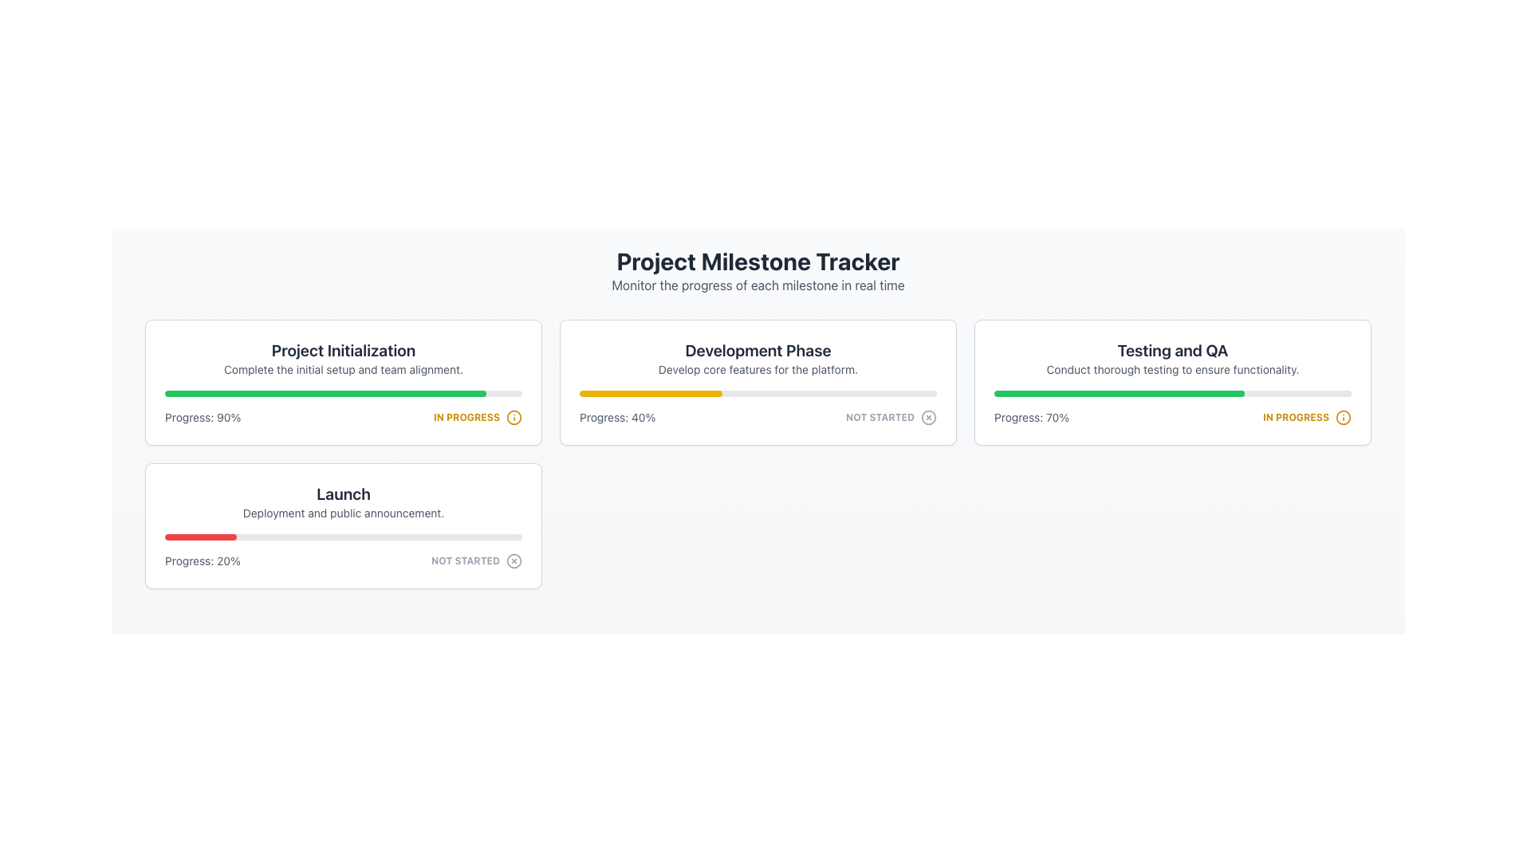  I want to click on text line 'Develop core features for the platform' which is styled in a small gray font, positioned below the heading 'Development Phase' in the center card of a grid layout, so click(757, 369).